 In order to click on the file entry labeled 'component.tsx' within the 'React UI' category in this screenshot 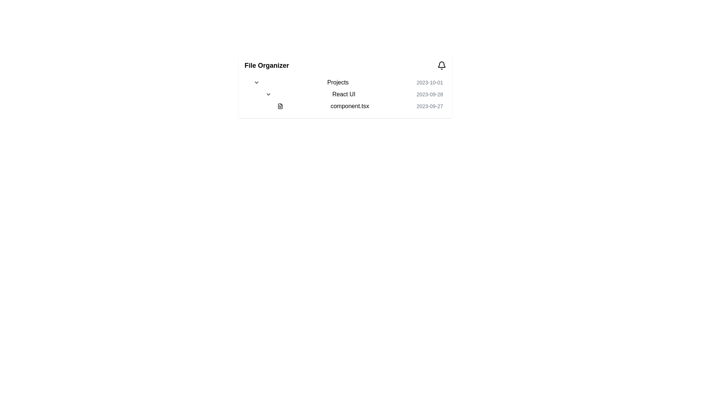, I will do `click(354, 100)`.